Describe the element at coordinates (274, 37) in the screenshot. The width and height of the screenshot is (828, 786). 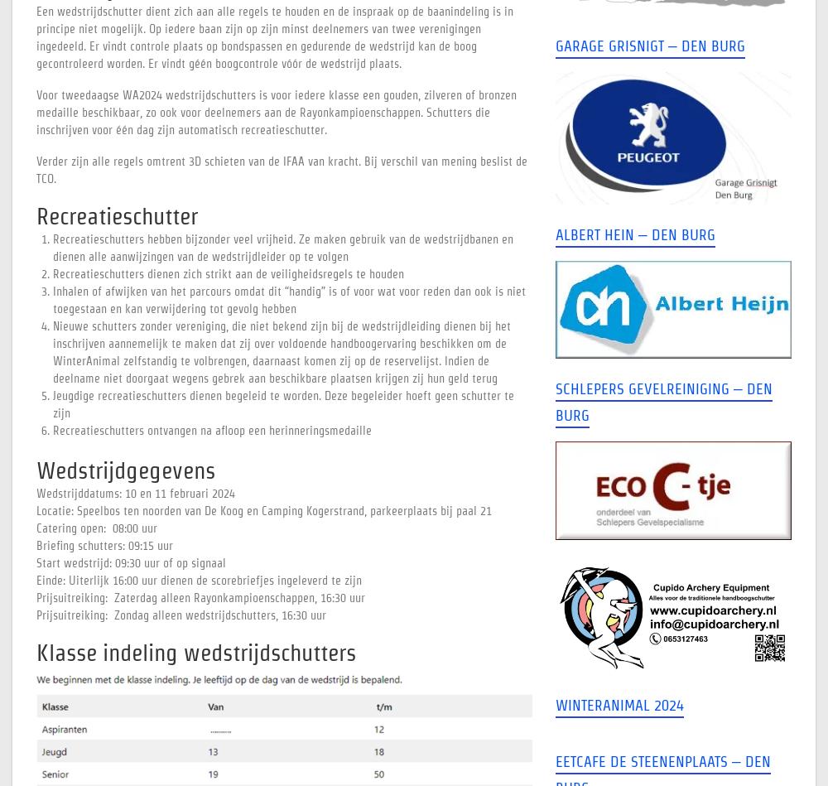
I see `'Een wedstrijdschutter dient zich aan alle regels te houden en de inspraak op de baanindeling is in principe niet mogelijk. Op iedere baan zijn op zijn minst deelnemers van twee verenigingen ingedeeld. Er vindt controle plaats op bondspassen en gedurende de wedstrijd kan de boog gecontroleerd worden. Er vindt géén boogcontrole vóór de wedstrijd plaats.'` at that location.